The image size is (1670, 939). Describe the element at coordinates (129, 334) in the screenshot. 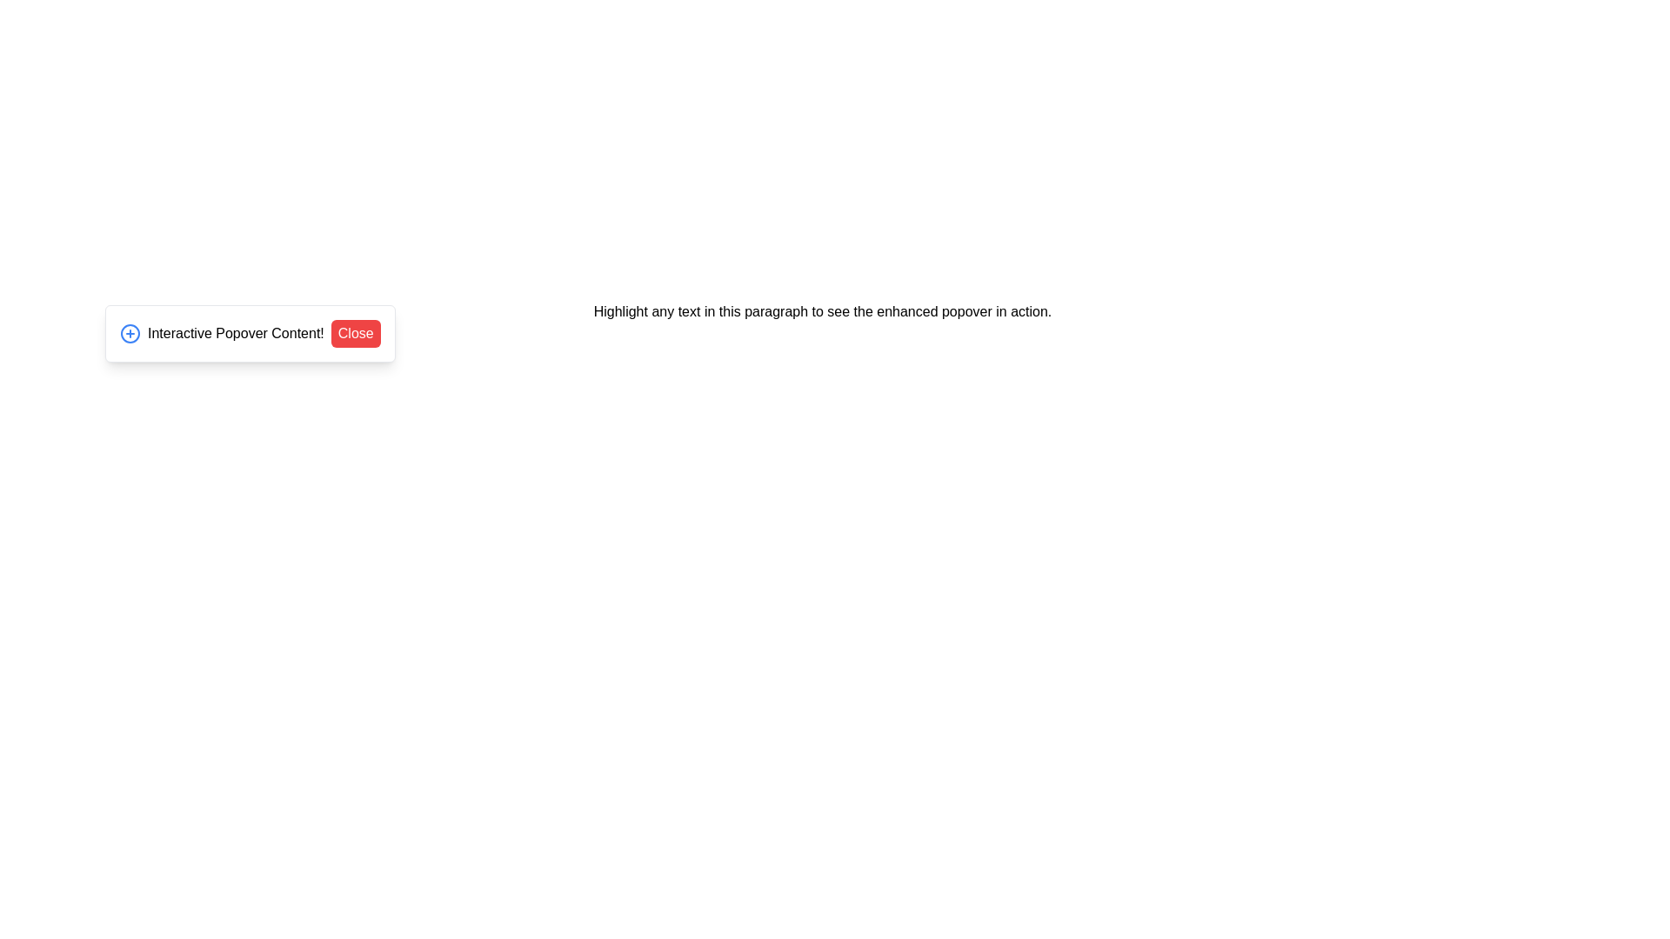

I see `the action button located on the leftmost side of the popover, directly before the text 'Interactive Popover Content!'` at that location.